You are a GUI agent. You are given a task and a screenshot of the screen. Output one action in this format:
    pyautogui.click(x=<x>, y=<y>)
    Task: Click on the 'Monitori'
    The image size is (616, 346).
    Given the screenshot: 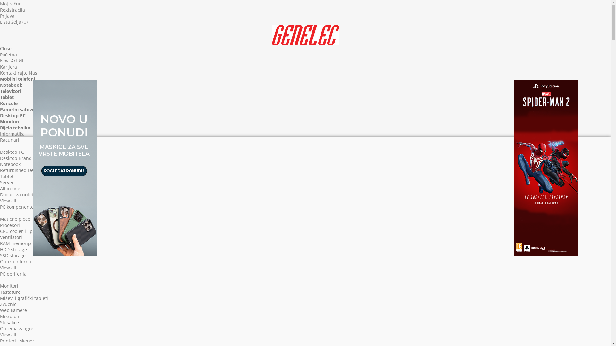 What is the action you would take?
    pyautogui.click(x=9, y=285)
    